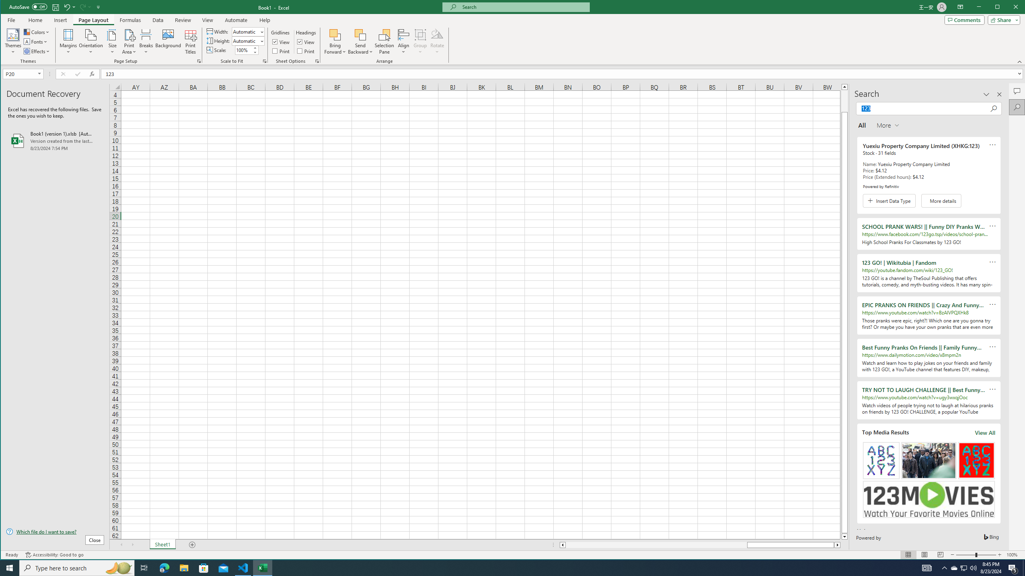  What do you see at coordinates (158, 20) in the screenshot?
I see `'Data'` at bounding box center [158, 20].